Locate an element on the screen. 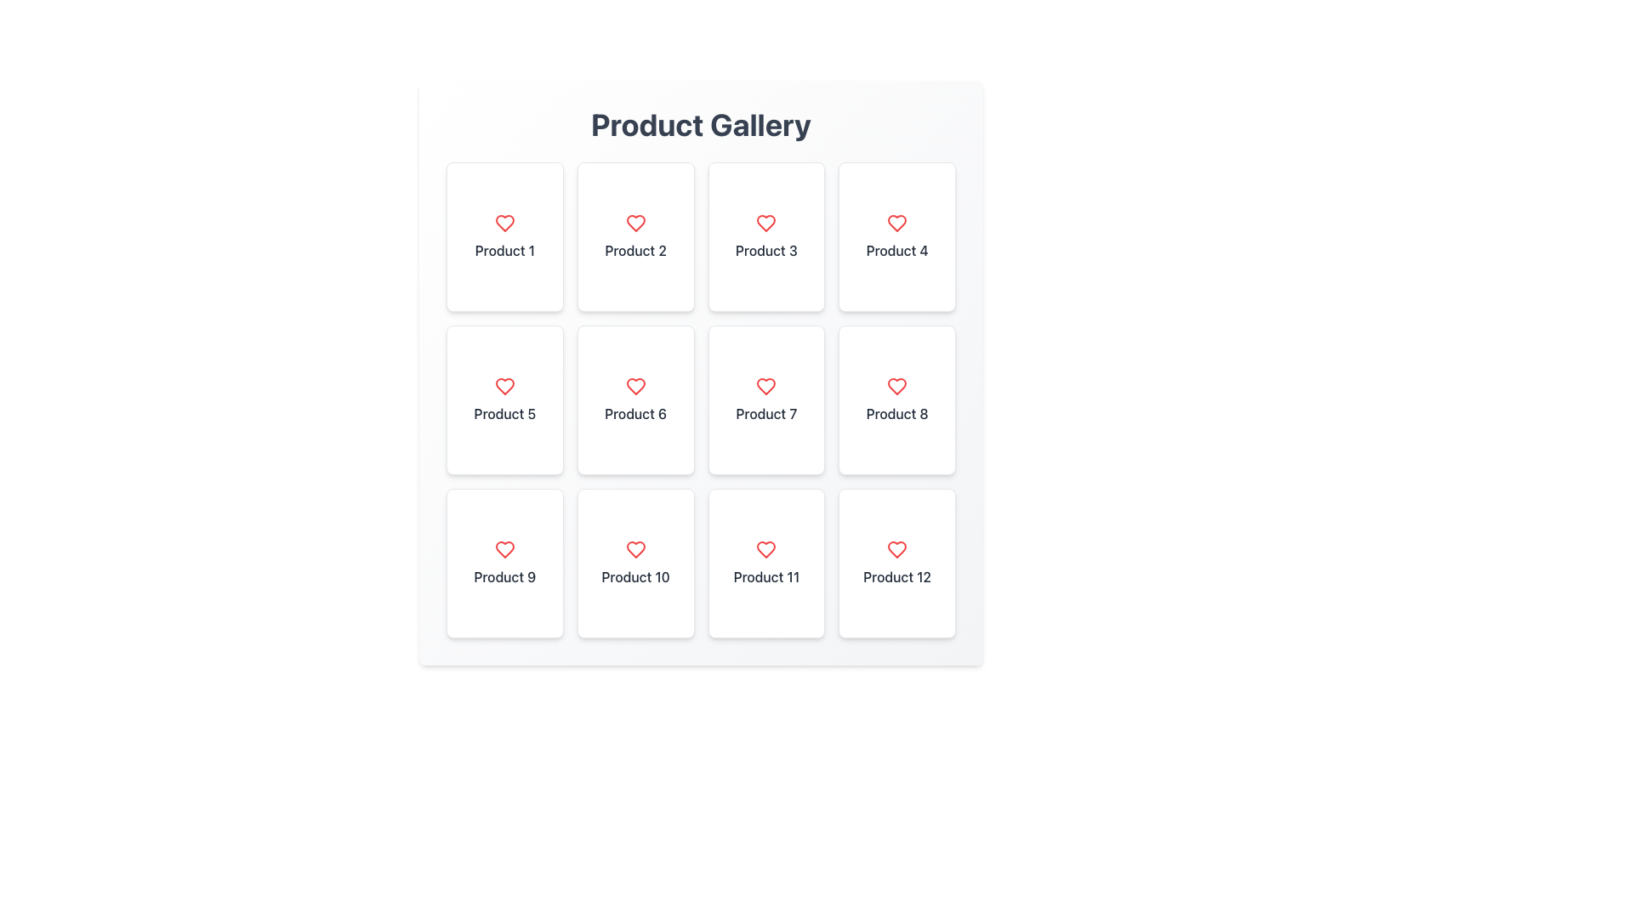  the heart-shaped icon with a red stroke located within the Product 9 card in the first column of the third row is located at coordinates (504, 550).